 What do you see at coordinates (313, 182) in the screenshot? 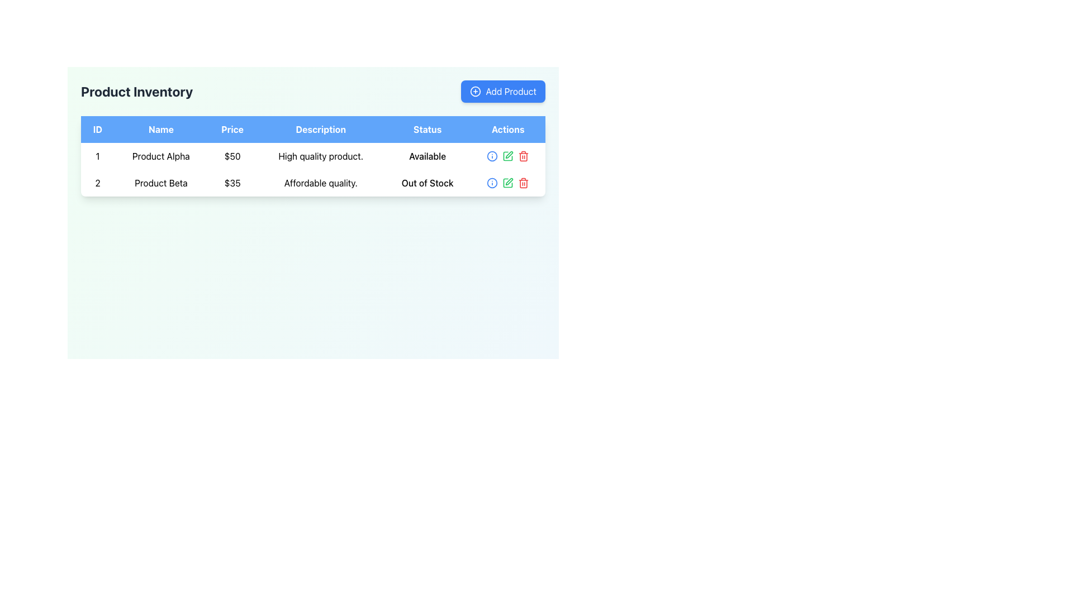
I see `the second row of the inventory table` at bounding box center [313, 182].